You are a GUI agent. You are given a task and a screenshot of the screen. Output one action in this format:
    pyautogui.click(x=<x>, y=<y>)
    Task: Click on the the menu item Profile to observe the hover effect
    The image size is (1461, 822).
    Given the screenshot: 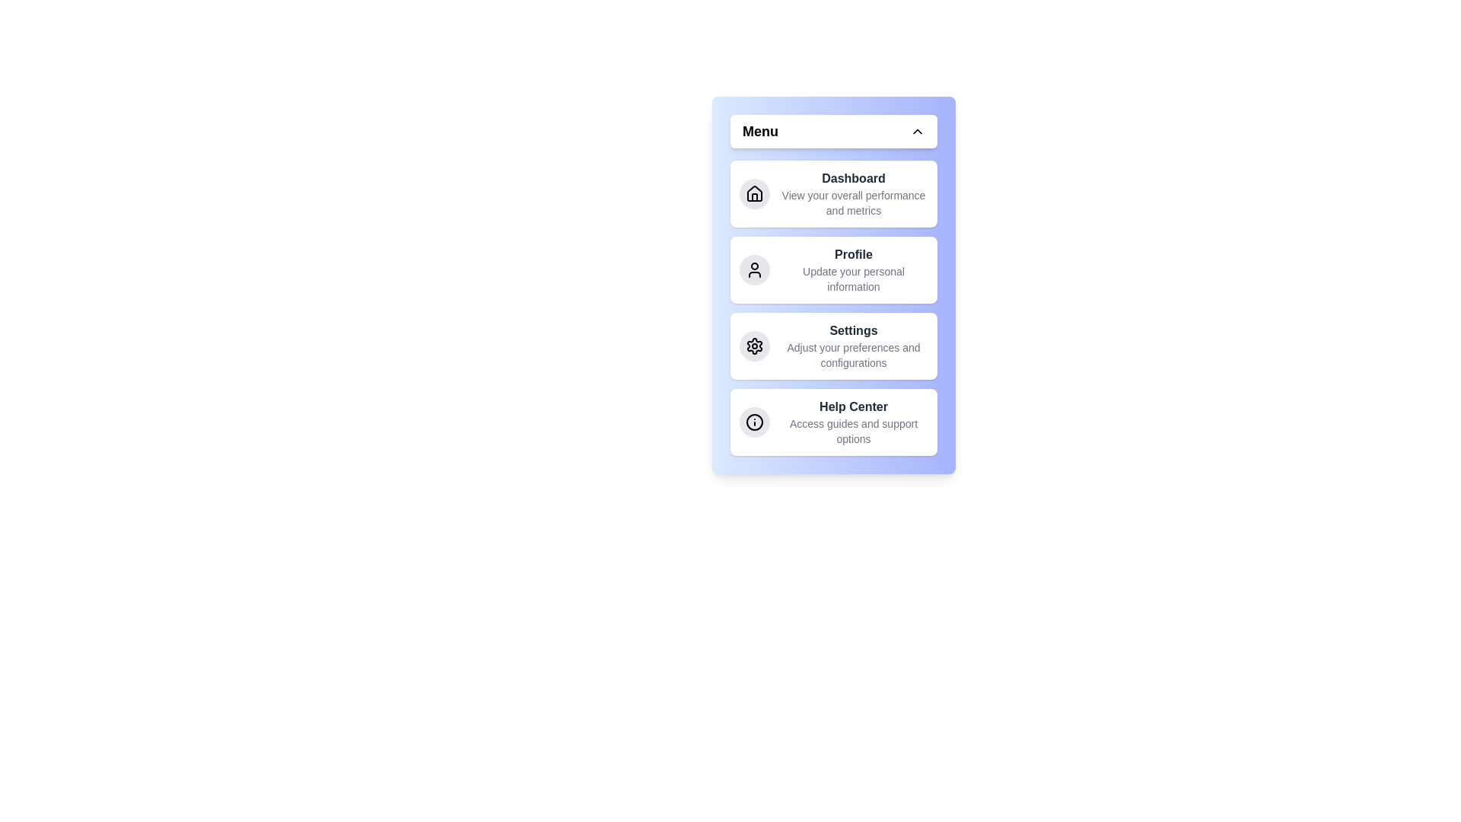 What is the action you would take?
    pyautogui.click(x=832, y=269)
    